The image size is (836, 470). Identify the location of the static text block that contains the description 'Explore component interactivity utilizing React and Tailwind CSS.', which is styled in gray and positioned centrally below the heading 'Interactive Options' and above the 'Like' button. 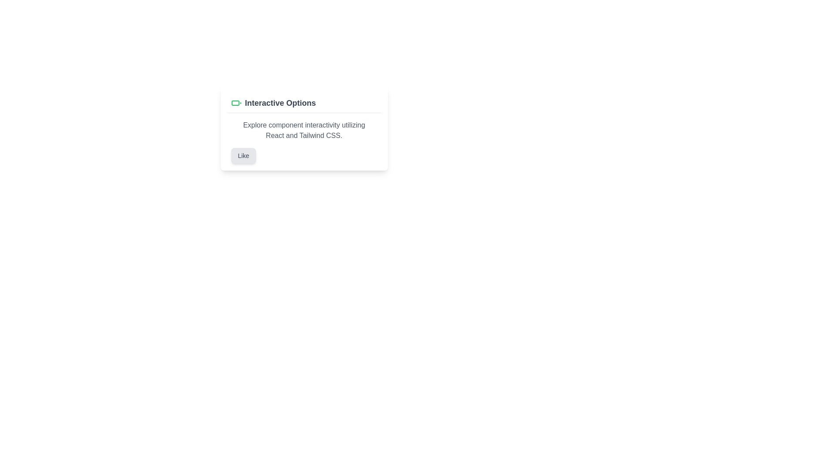
(304, 131).